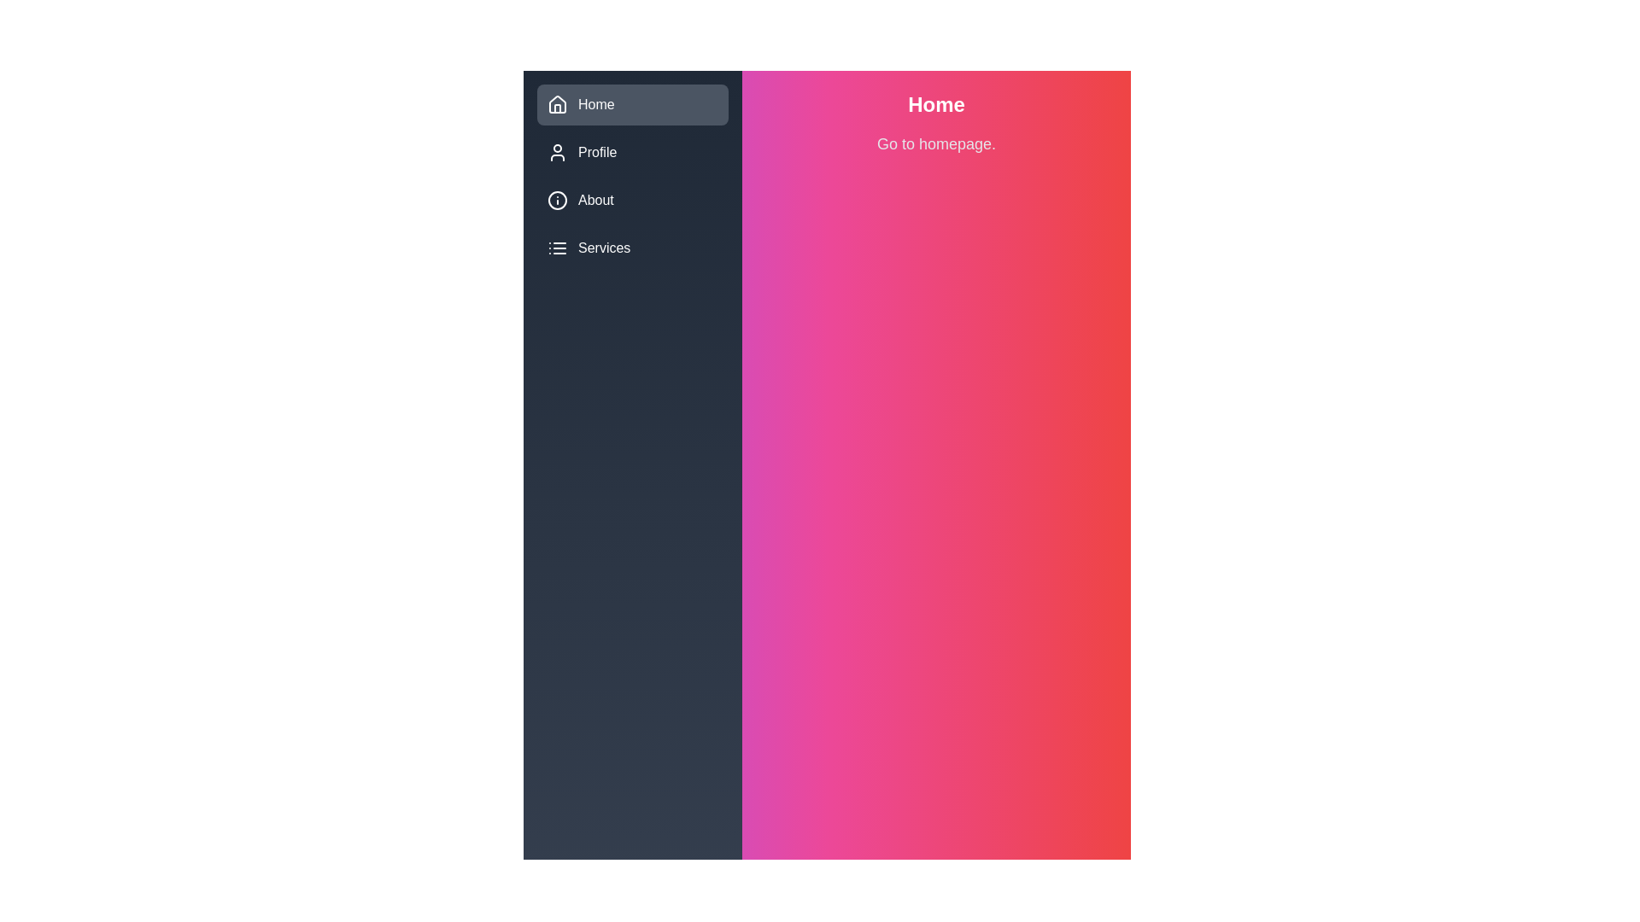 This screenshot has width=1640, height=922. Describe the element at coordinates (557, 248) in the screenshot. I see `the menu item corresponding to Services` at that location.